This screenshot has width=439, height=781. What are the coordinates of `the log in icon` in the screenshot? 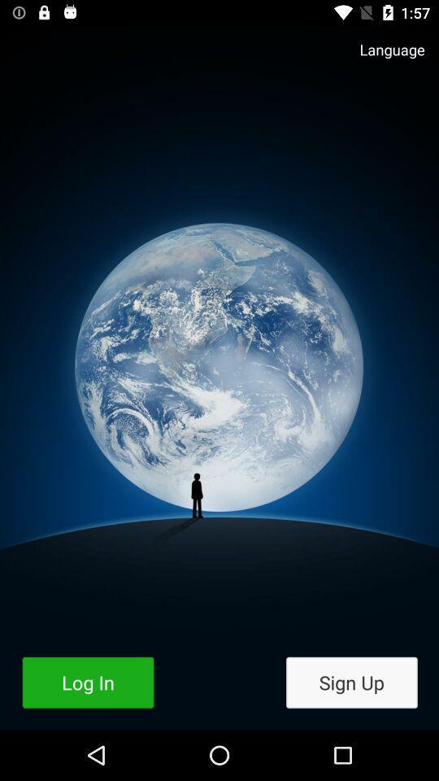 It's located at (88, 683).